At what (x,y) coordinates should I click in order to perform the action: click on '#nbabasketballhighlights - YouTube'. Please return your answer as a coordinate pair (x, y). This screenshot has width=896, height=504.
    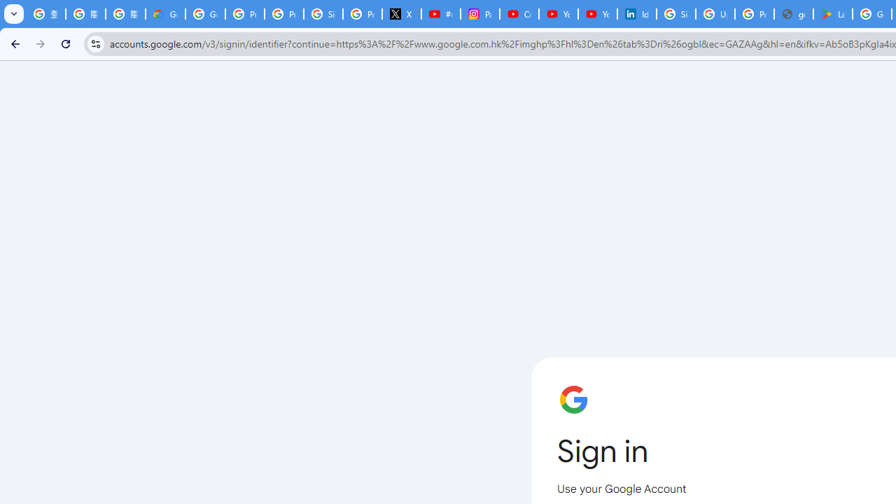
    Looking at the image, I should click on (440, 14).